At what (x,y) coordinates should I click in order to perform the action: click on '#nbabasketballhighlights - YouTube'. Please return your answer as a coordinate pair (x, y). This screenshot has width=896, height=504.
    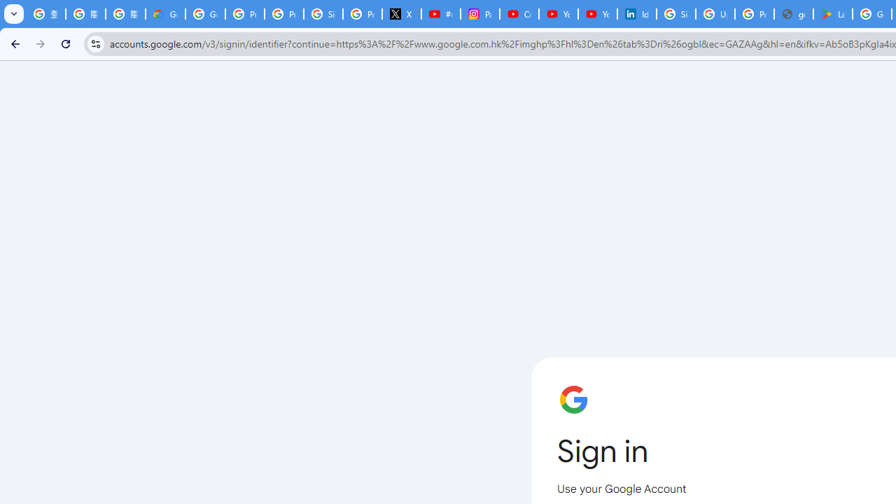
    Looking at the image, I should click on (440, 14).